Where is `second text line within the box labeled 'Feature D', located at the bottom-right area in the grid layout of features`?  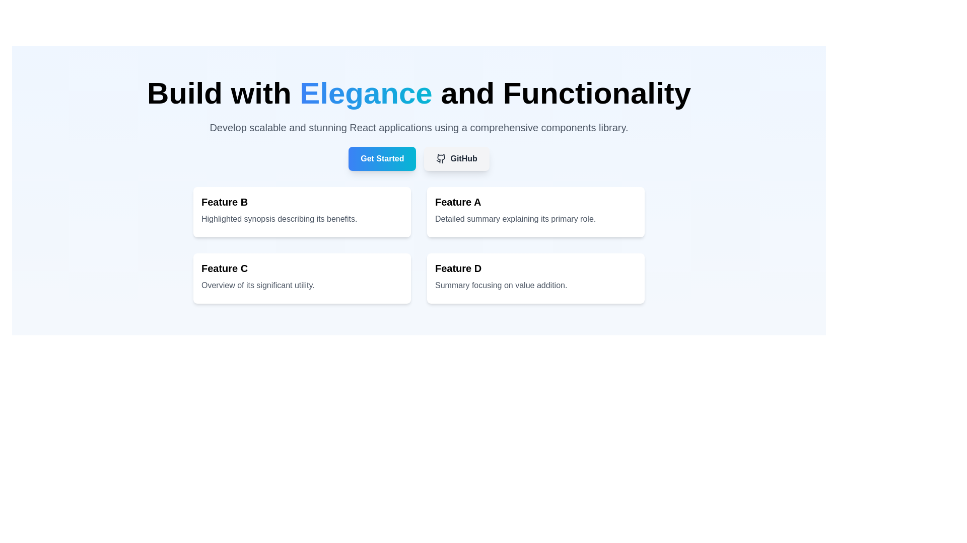
second text line within the box labeled 'Feature D', located at the bottom-right area in the grid layout of features is located at coordinates (535, 285).